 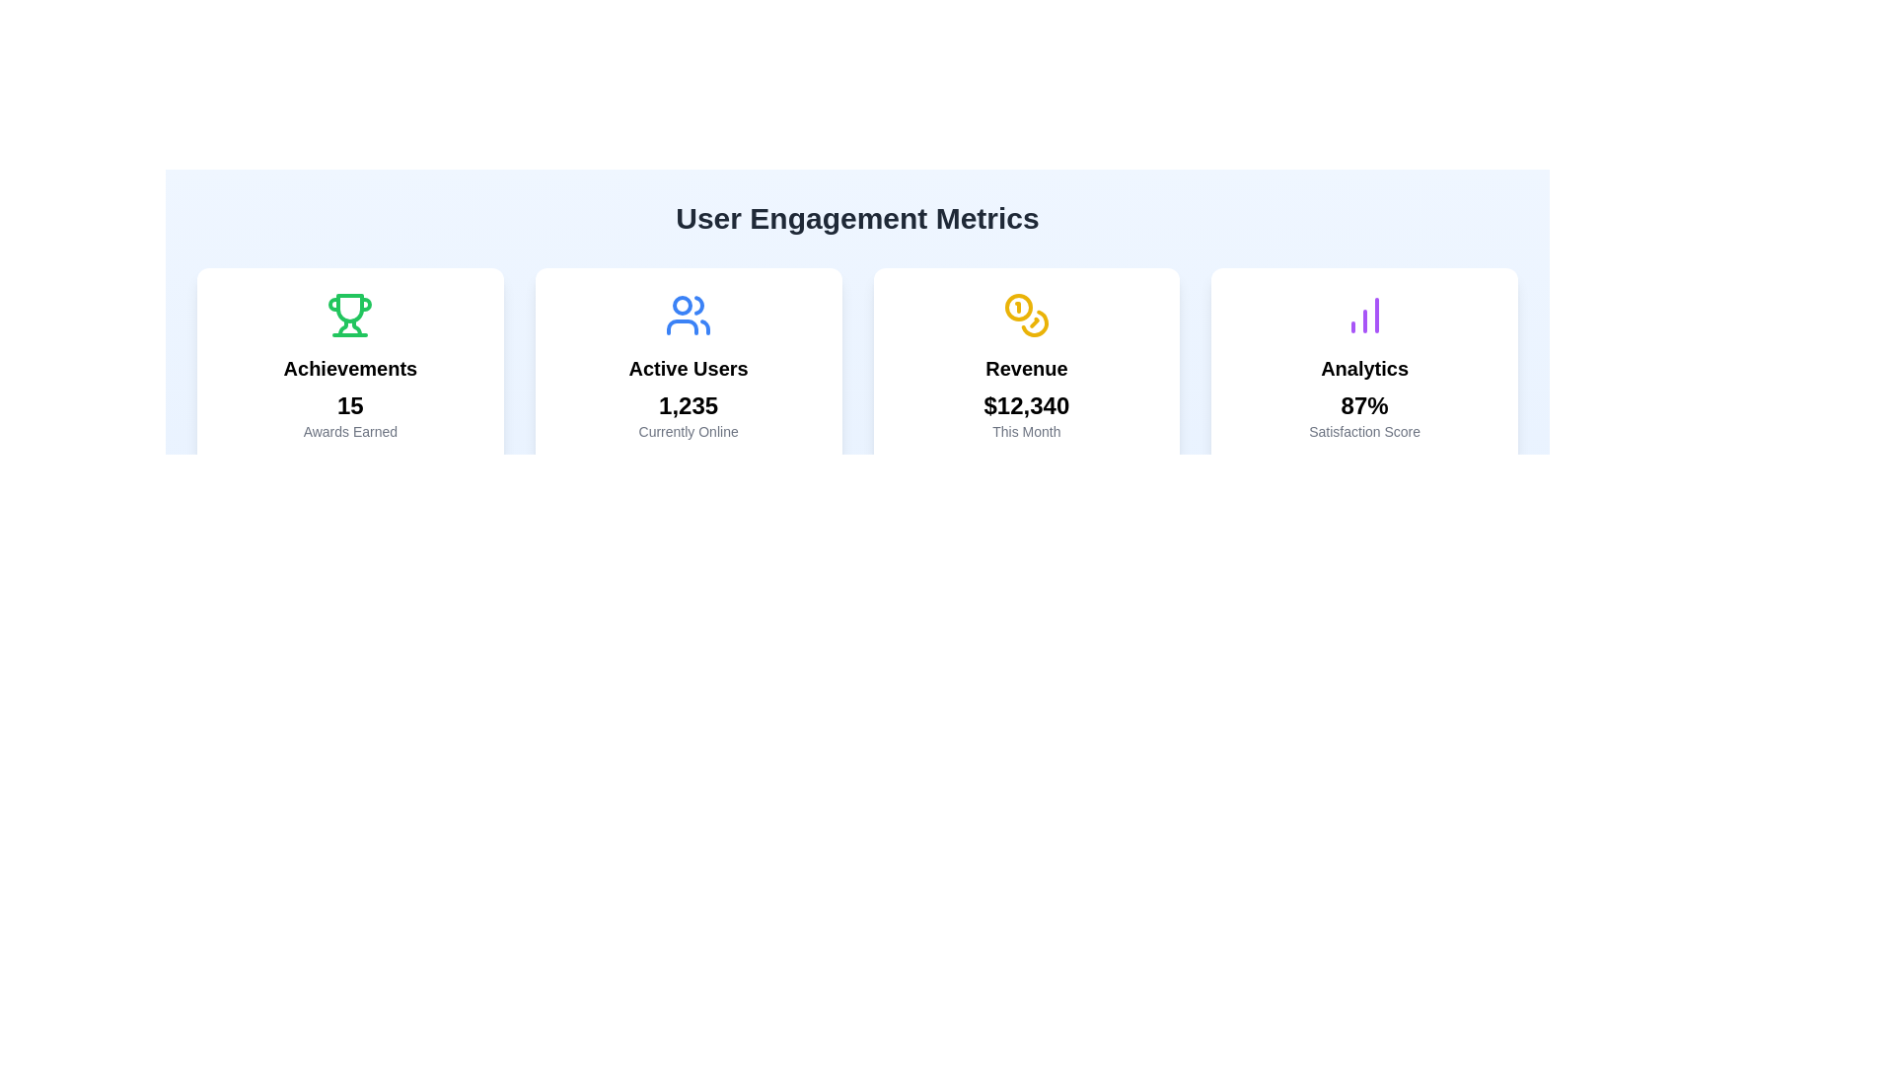 I want to click on the Text content display for the satisfaction score percentage, which is centrally located within the 'Analytics' widget, positioned between 'Analytics' above and 'Satisfaction Score' below, so click(x=1363, y=405).